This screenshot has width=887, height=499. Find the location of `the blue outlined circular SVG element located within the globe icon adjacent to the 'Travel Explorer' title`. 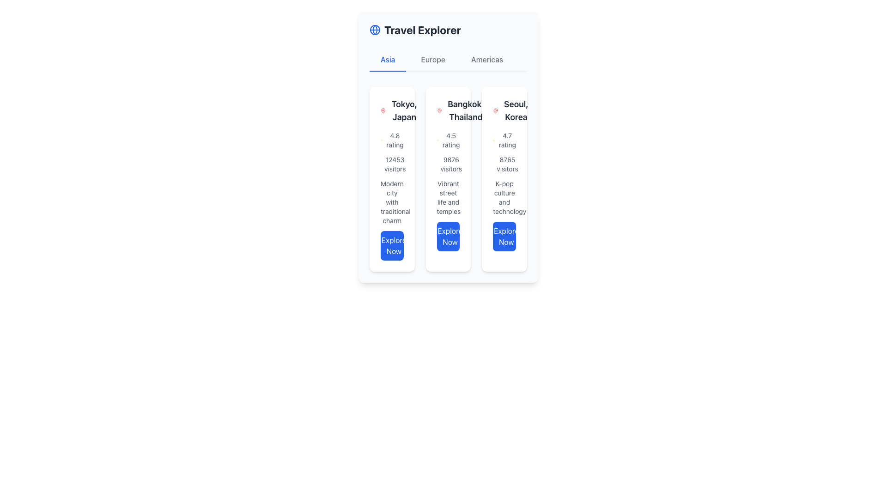

the blue outlined circular SVG element located within the globe icon adjacent to the 'Travel Explorer' title is located at coordinates (375, 30).